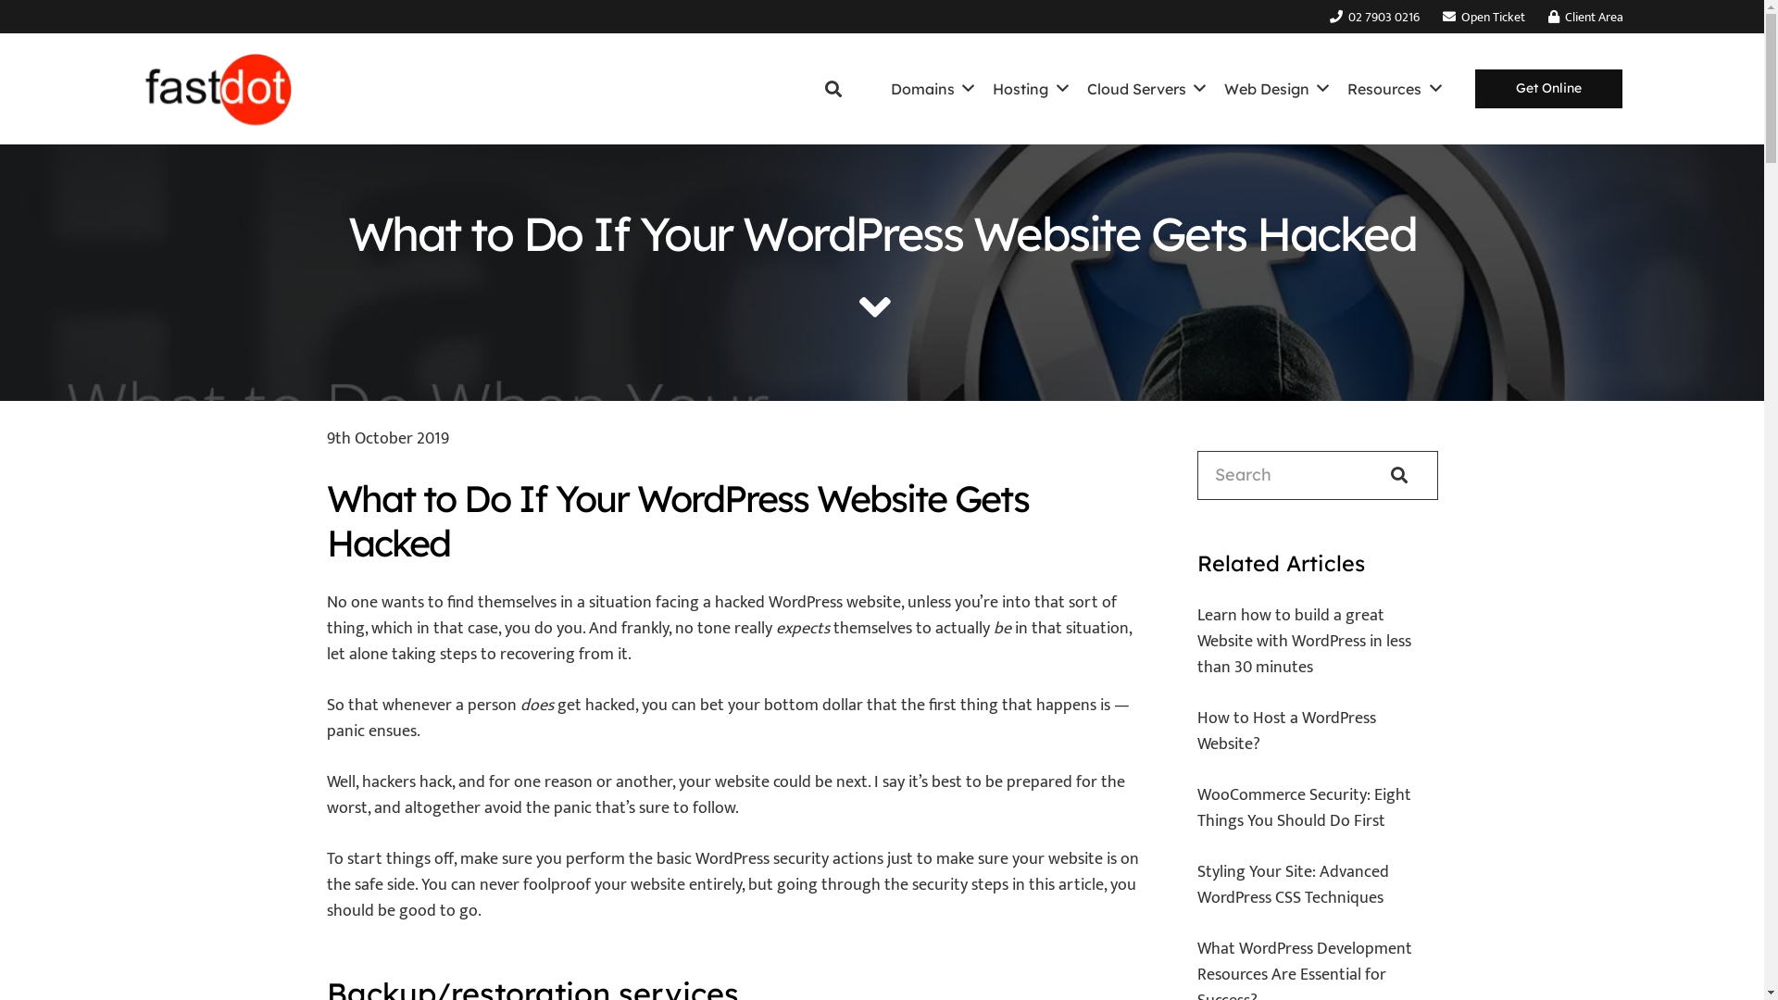 The width and height of the screenshot is (1778, 1000). Describe the element at coordinates (1547, 16) in the screenshot. I see `'Client Area'` at that location.